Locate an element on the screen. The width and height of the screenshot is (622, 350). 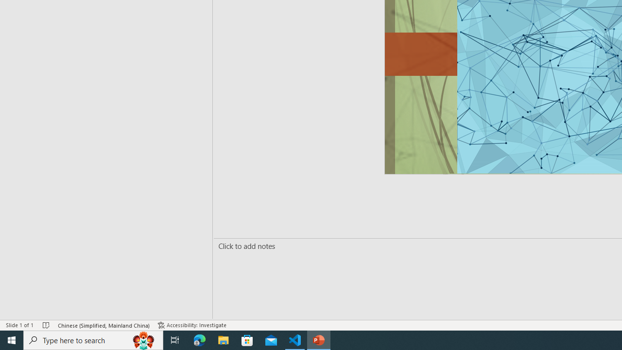
'Accessibility Checker Accessibility: Investigate' is located at coordinates (192, 325).